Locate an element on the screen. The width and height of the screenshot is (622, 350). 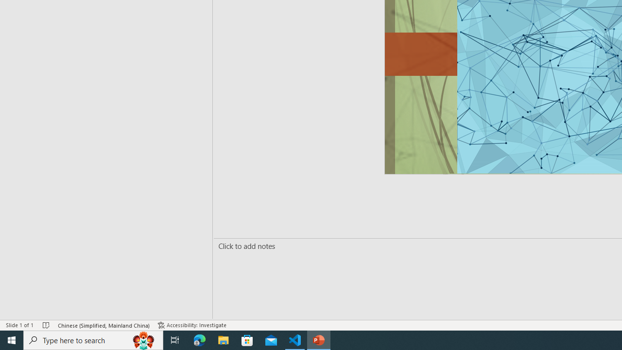
'Accessibility Checker Accessibility: Investigate' is located at coordinates (192, 325).